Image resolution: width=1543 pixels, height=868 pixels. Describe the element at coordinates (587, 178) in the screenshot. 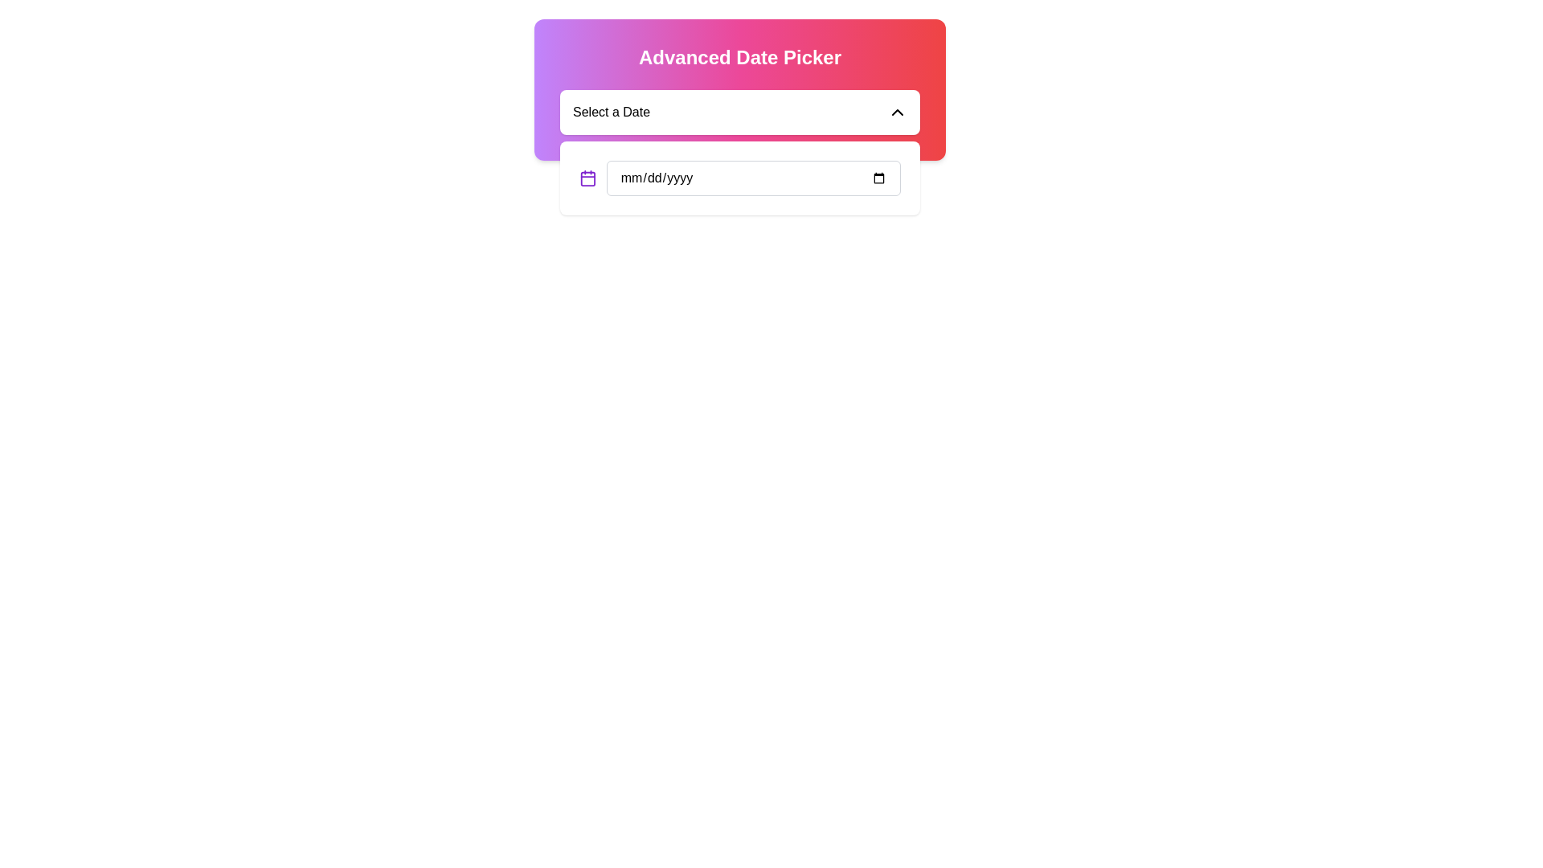

I see `the calendar icon, which is a purple minimalist design located to the left of the 'mm/dd/yyyy' text input field in the date picker component` at that location.